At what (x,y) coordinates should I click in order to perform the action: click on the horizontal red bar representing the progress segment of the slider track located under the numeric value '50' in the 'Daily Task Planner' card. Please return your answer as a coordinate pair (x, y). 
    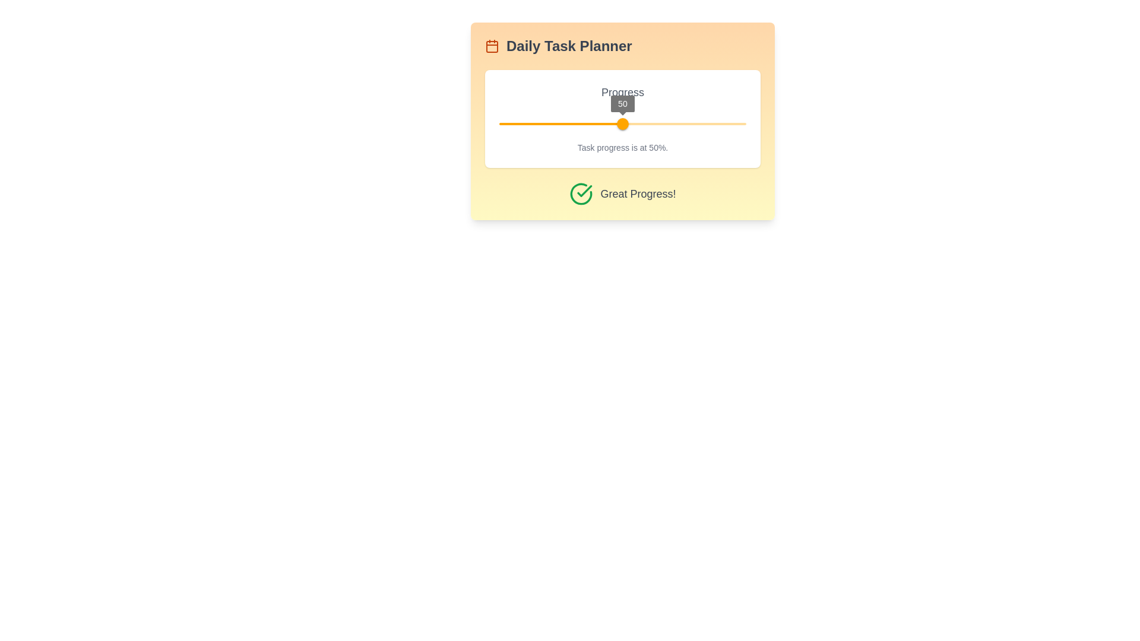
    Looking at the image, I should click on (560, 123).